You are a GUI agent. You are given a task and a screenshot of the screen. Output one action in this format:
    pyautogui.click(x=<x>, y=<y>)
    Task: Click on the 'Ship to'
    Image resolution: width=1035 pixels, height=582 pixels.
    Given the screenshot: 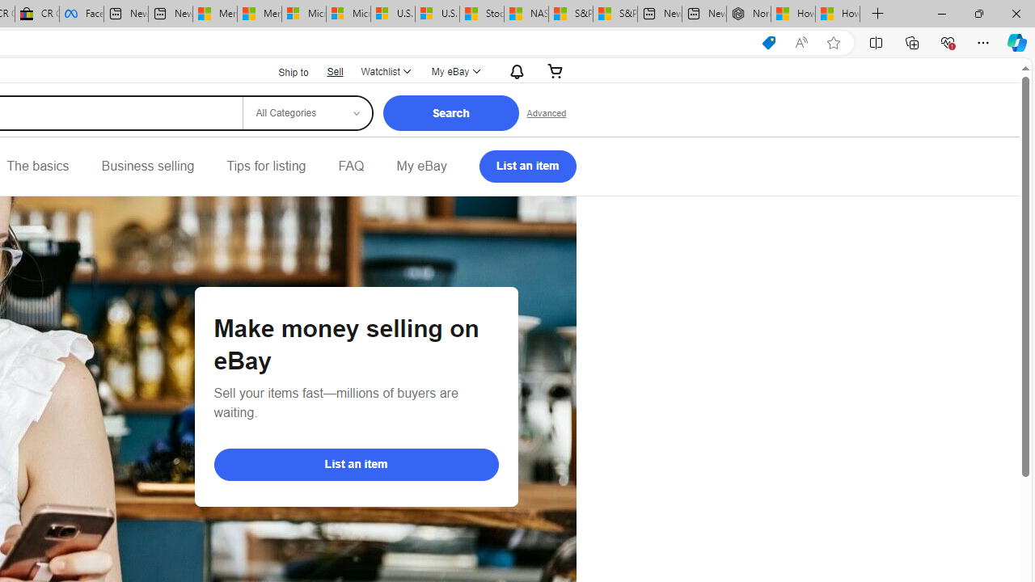 What is the action you would take?
    pyautogui.click(x=283, y=70)
    